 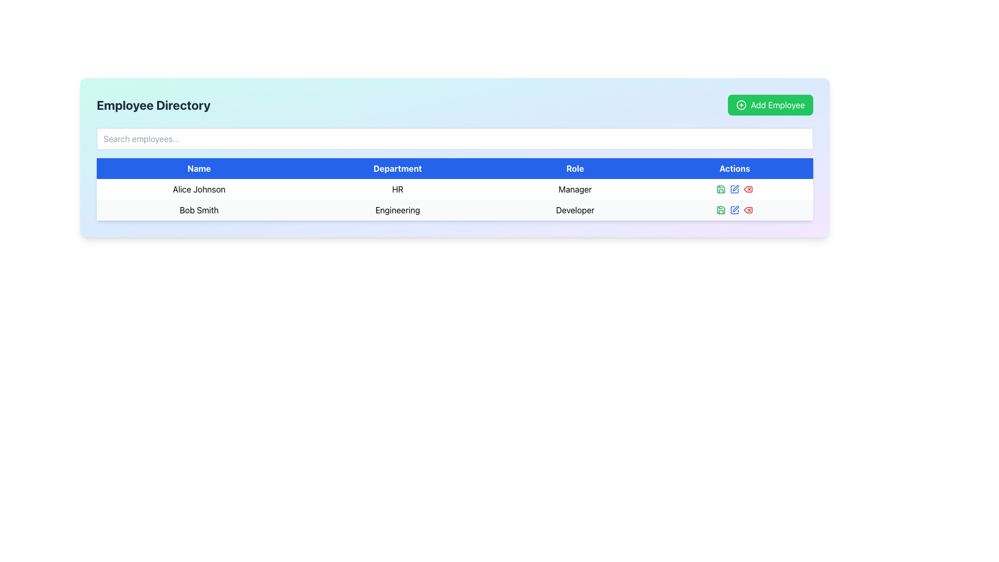 What do you see at coordinates (735, 188) in the screenshot?
I see `the edit icon, which resembles a pen or pencil, located as the second rightmost icon in the action group for Bob Smith's entry, to initiate the edit action` at bounding box center [735, 188].